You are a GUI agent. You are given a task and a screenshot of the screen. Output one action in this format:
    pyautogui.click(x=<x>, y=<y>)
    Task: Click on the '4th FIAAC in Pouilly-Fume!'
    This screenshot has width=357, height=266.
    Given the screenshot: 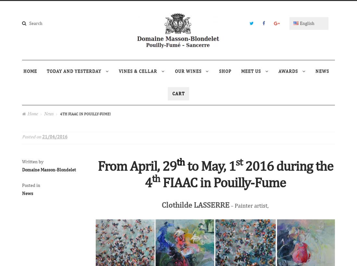 What is the action you would take?
    pyautogui.click(x=85, y=113)
    